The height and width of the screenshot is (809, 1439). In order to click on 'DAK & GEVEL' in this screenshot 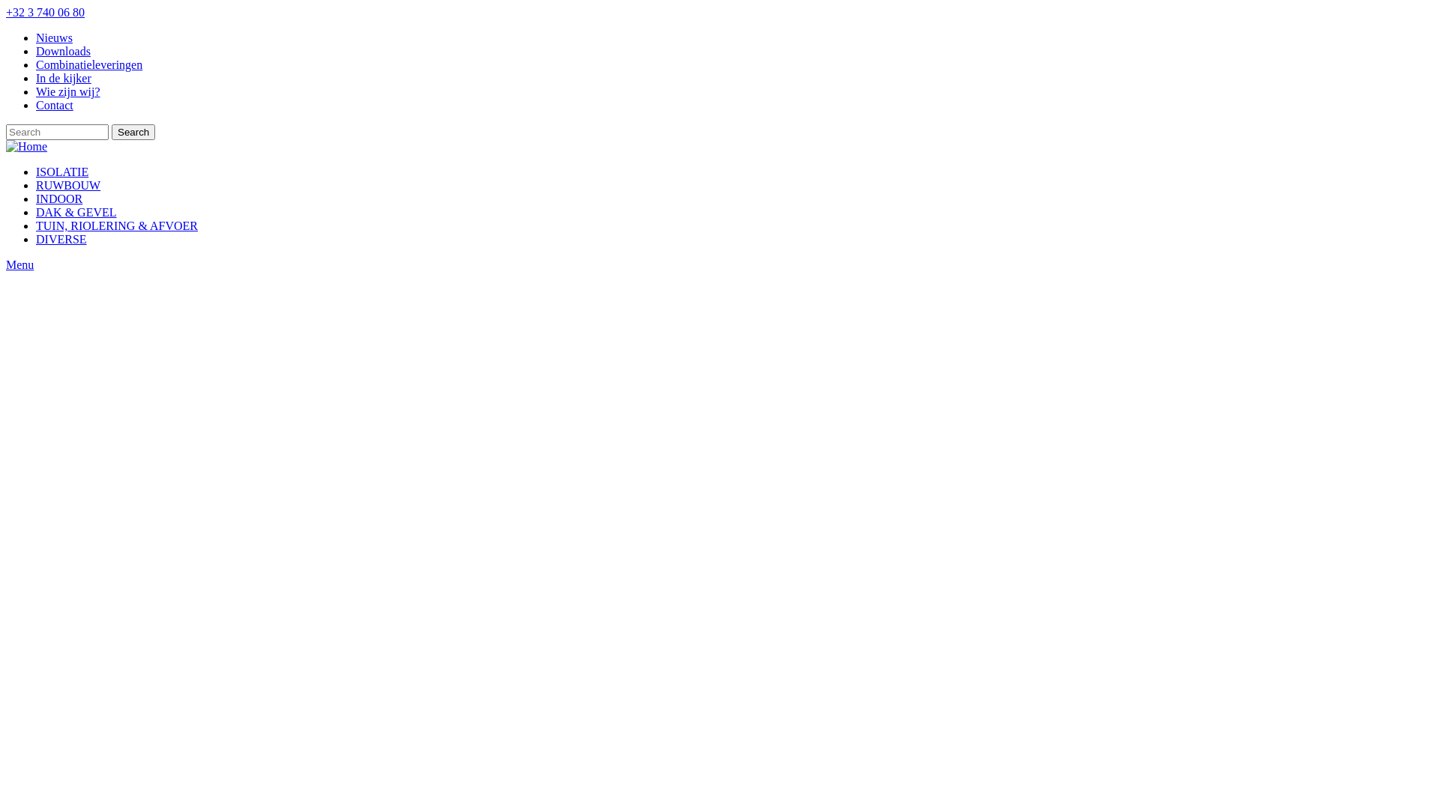, I will do `click(36, 212)`.